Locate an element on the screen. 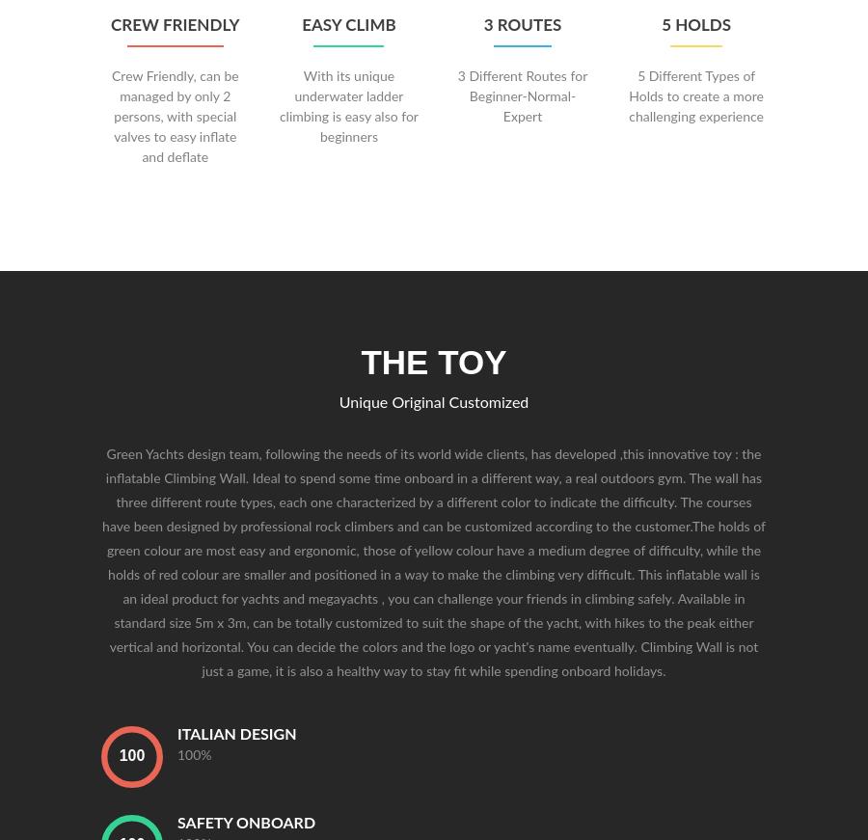 This screenshot has height=840, width=868. '100%' is located at coordinates (194, 755).